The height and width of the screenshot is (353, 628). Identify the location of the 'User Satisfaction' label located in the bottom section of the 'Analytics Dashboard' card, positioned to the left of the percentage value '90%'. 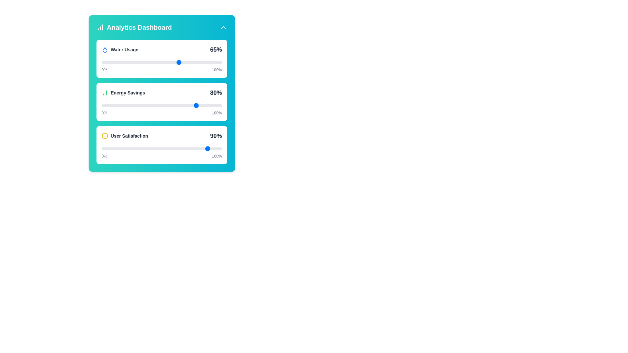
(125, 136).